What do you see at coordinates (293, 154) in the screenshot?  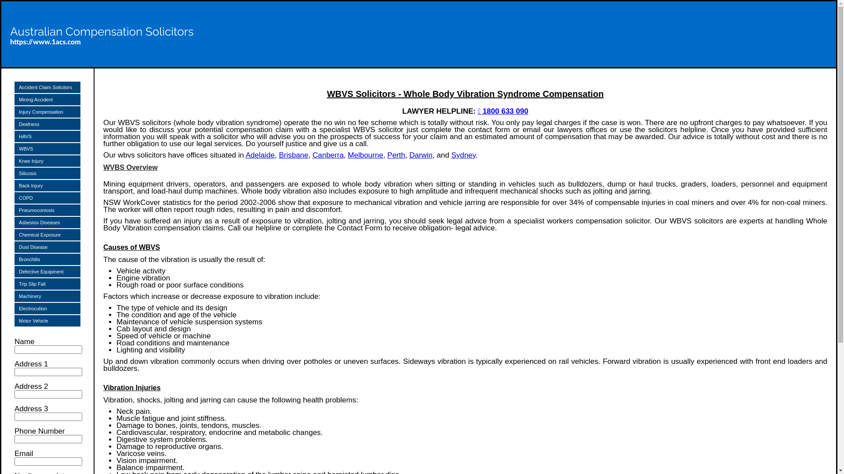 I see `'Brisbane'` at bounding box center [293, 154].